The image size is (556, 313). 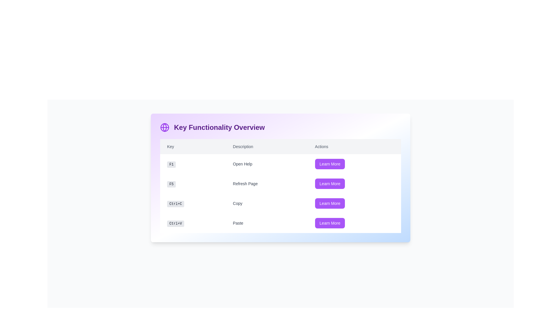 What do you see at coordinates (330, 164) in the screenshot?
I see `the vibrant purple 'Learn More' button with white text located under the 'Actions' header, aligned with the 'Open Help' row in the table` at bounding box center [330, 164].